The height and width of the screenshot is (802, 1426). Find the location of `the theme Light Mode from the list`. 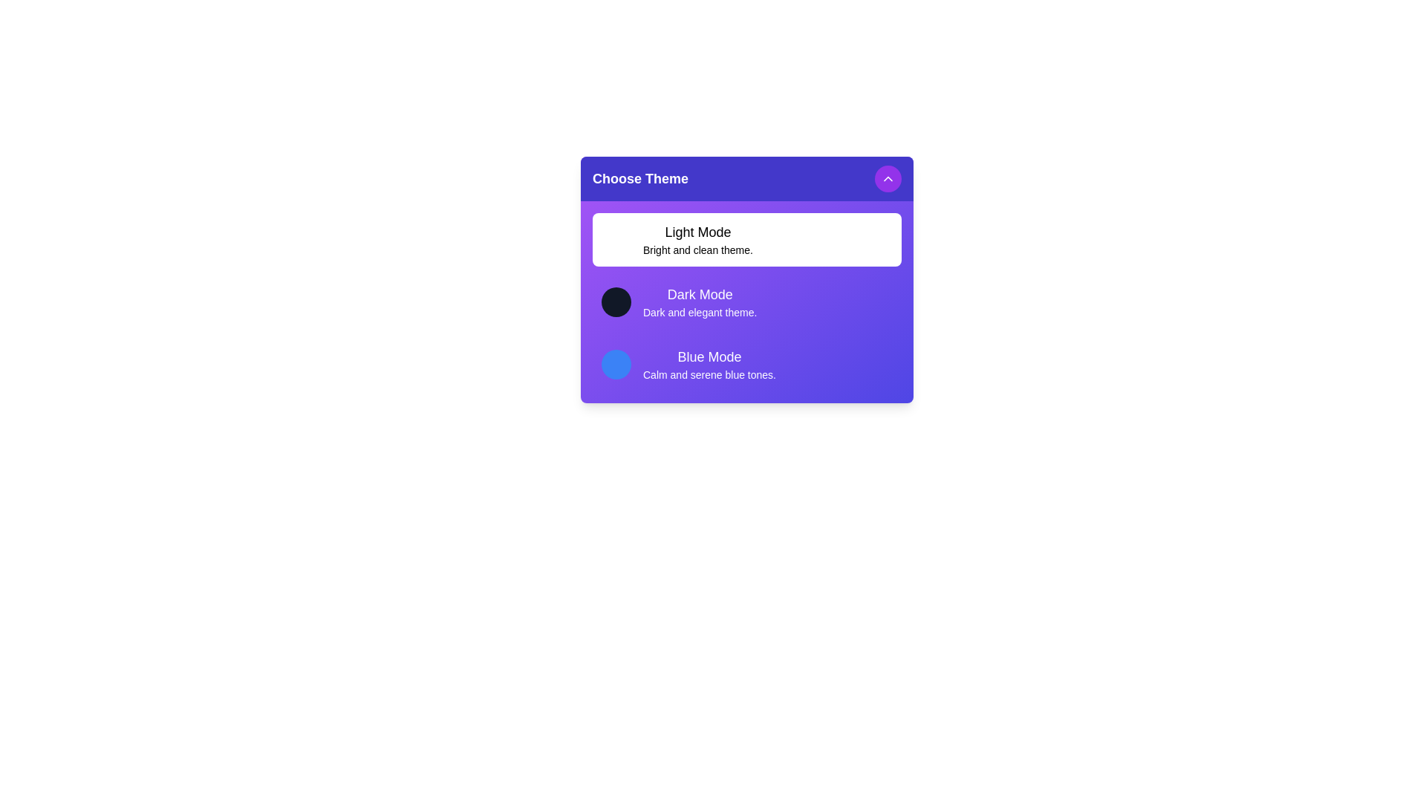

the theme Light Mode from the list is located at coordinates (747, 239).